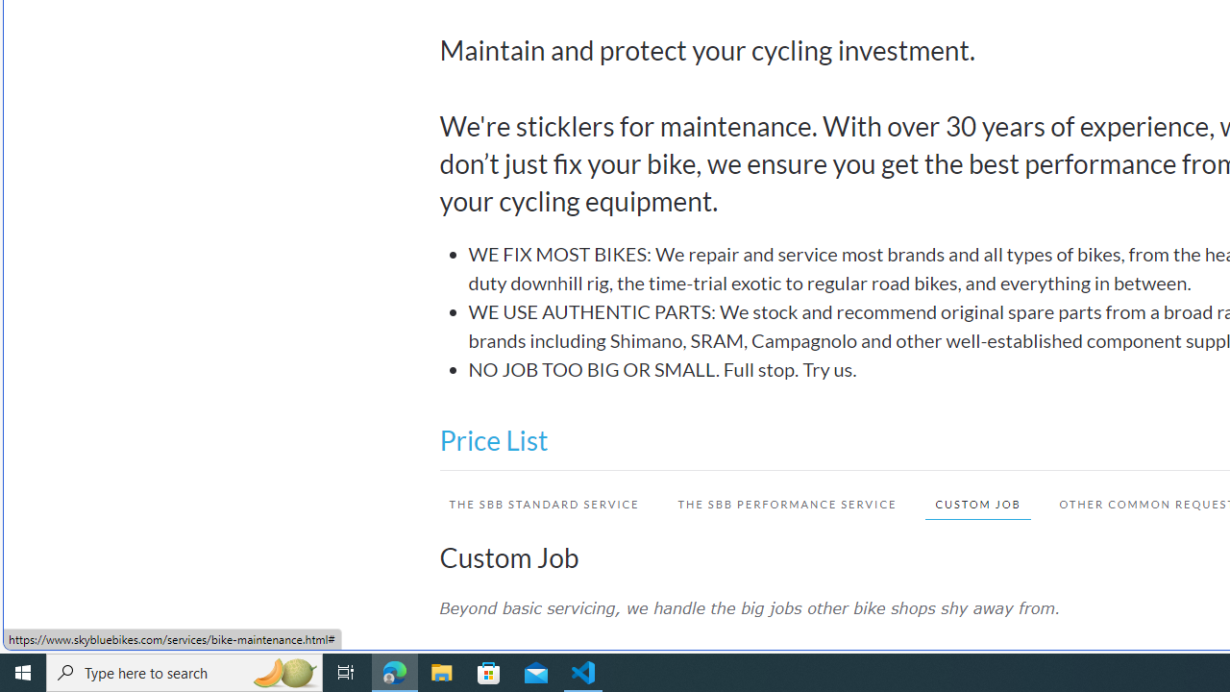  What do you see at coordinates (787, 503) in the screenshot?
I see `'THE SBB PERFORMANCE SERVICE'` at bounding box center [787, 503].